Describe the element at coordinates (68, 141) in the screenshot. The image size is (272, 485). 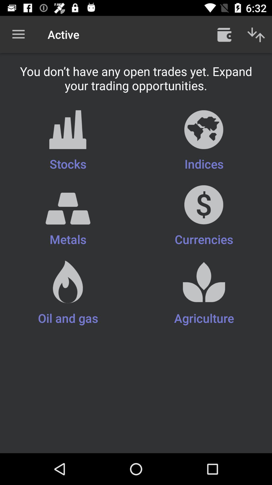
I see `the icon above the currencies item` at that location.